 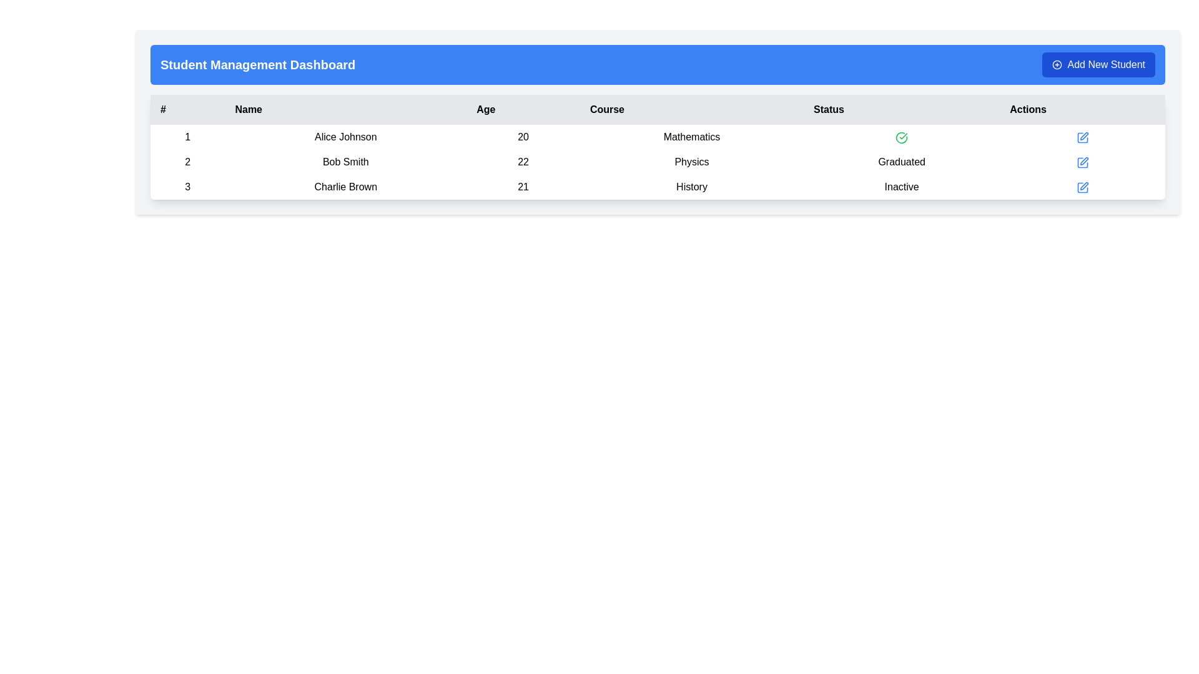 What do you see at coordinates (1082, 137) in the screenshot?
I see `the edit icon button located in the 'Actions' column of the first row corresponding to Alice Johnson` at bounding box center [1082, 137].